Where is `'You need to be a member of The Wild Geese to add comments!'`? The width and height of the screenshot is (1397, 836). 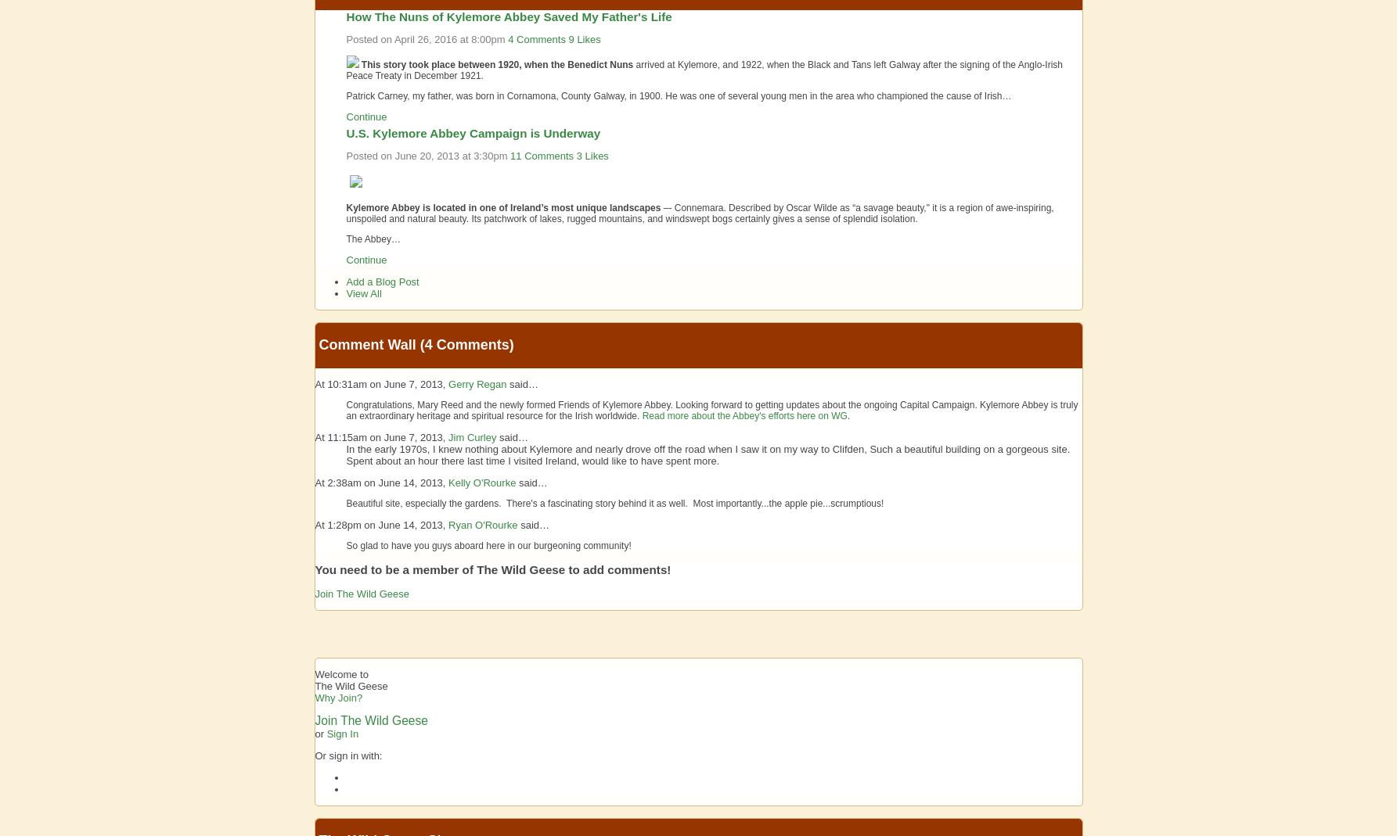
'You need to be a member of The Wild Geese to add comments!' is located at coordinates (313, 568).